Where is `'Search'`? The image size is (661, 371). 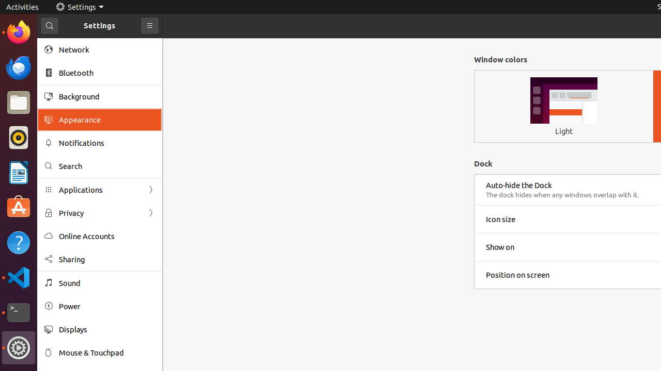 'Search' is located at coordinates (106, 165).